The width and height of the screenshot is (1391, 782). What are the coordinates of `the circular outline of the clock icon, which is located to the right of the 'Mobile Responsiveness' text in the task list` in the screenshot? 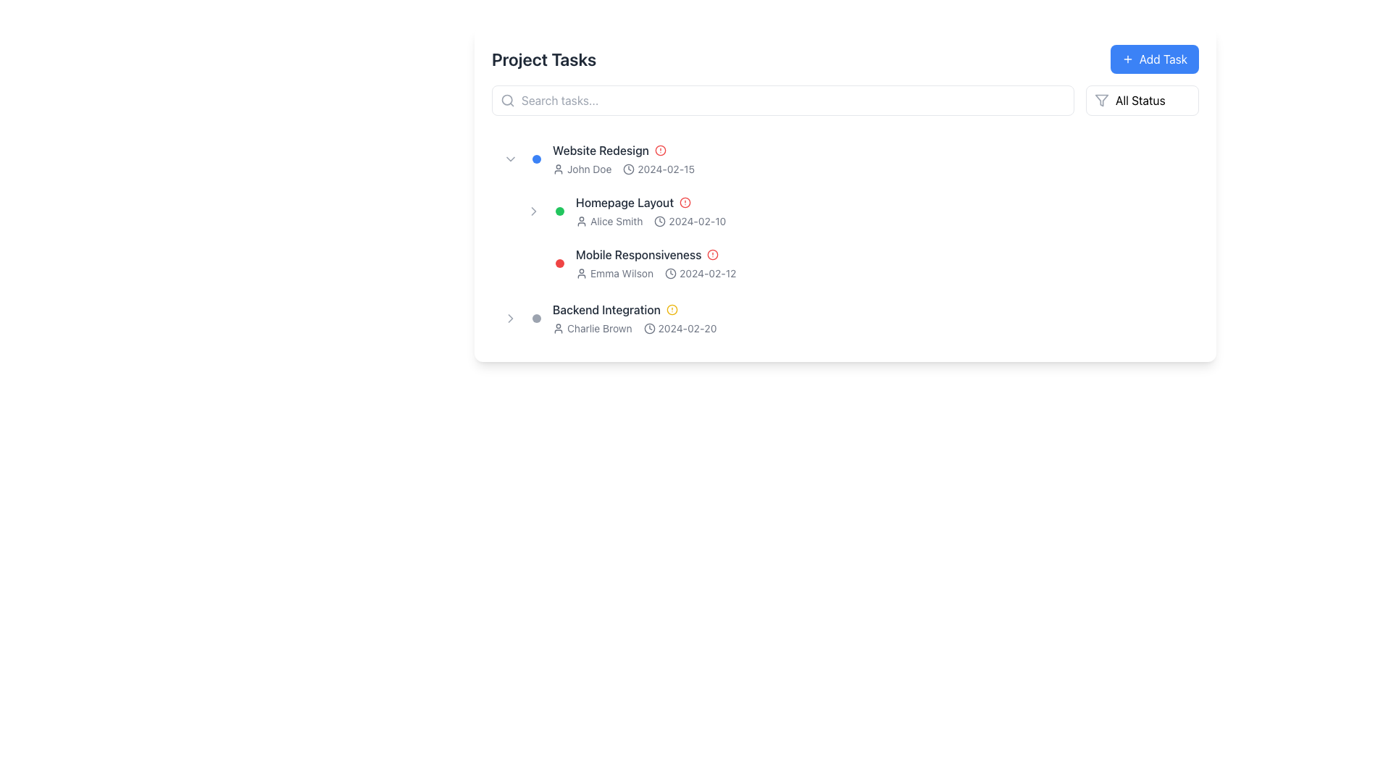 It's located at (648, 329).